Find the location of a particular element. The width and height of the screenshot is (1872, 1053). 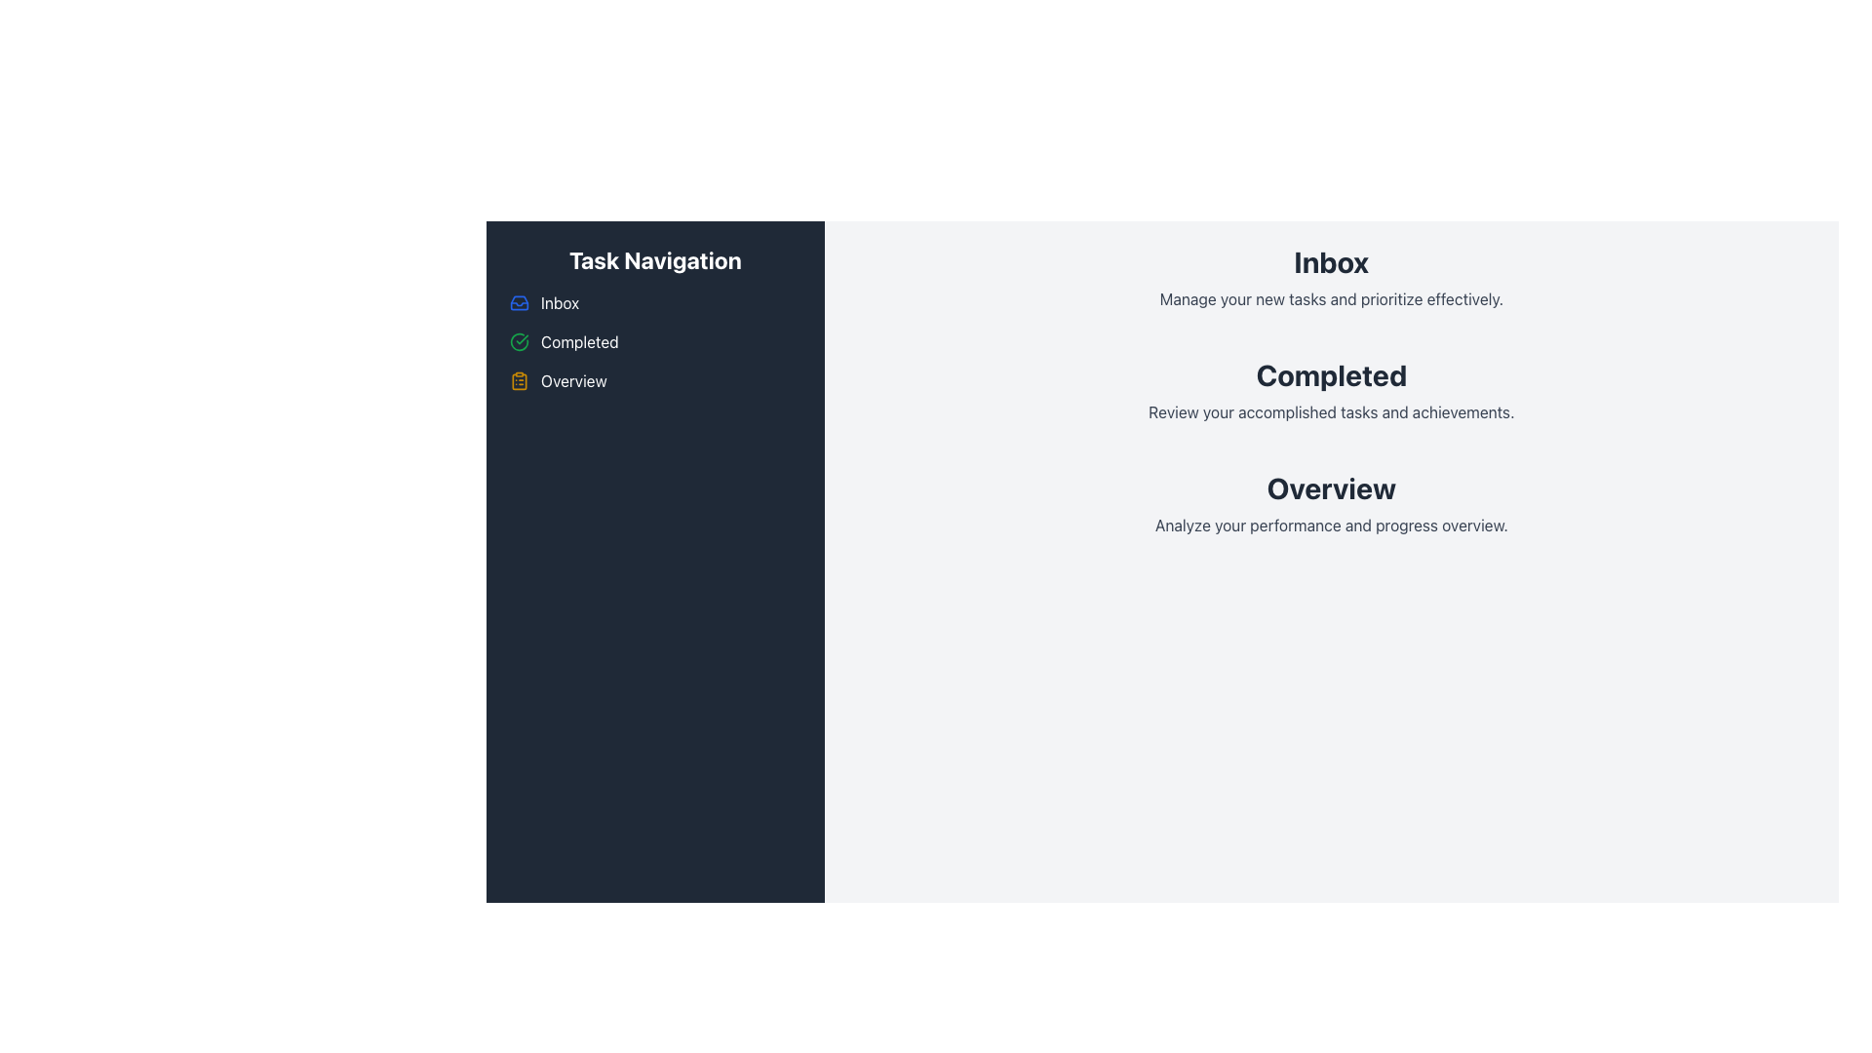

the content associated with the 'Inbox' header located at the top of the right panel, directly under the 'Task Navigation' sidebar is located at coordinates (1330, 278).